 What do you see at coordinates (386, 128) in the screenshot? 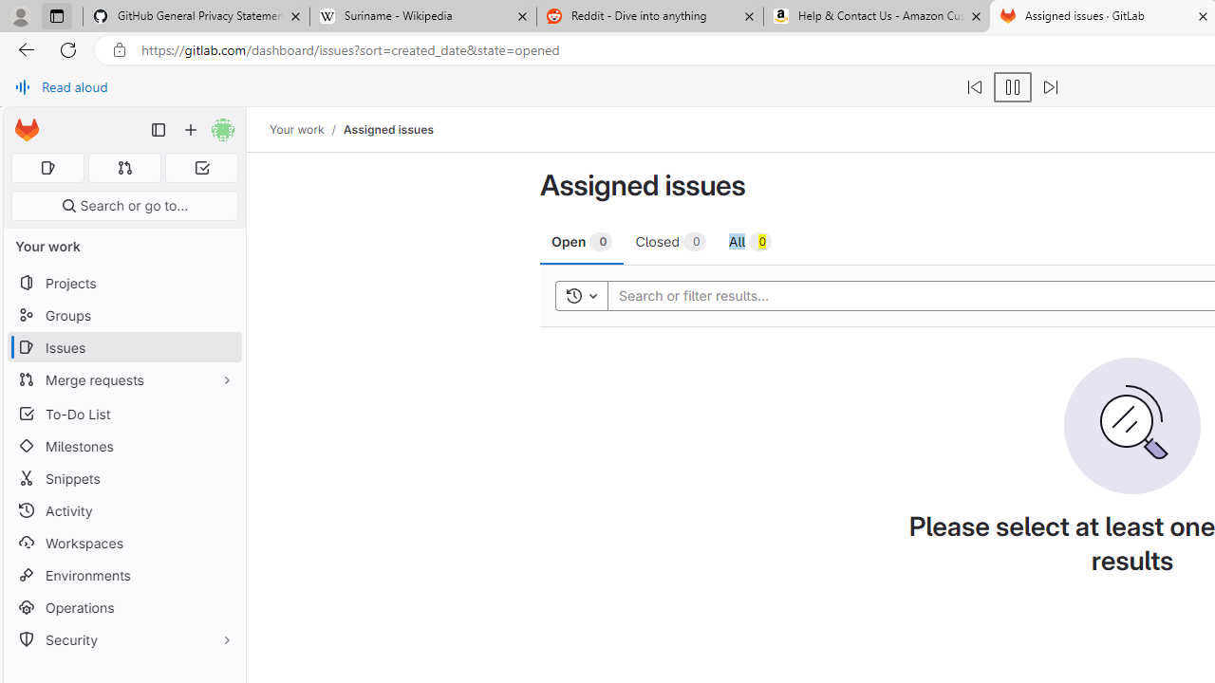
I see `'Assigned issues'` at bounding box center [386, 128].